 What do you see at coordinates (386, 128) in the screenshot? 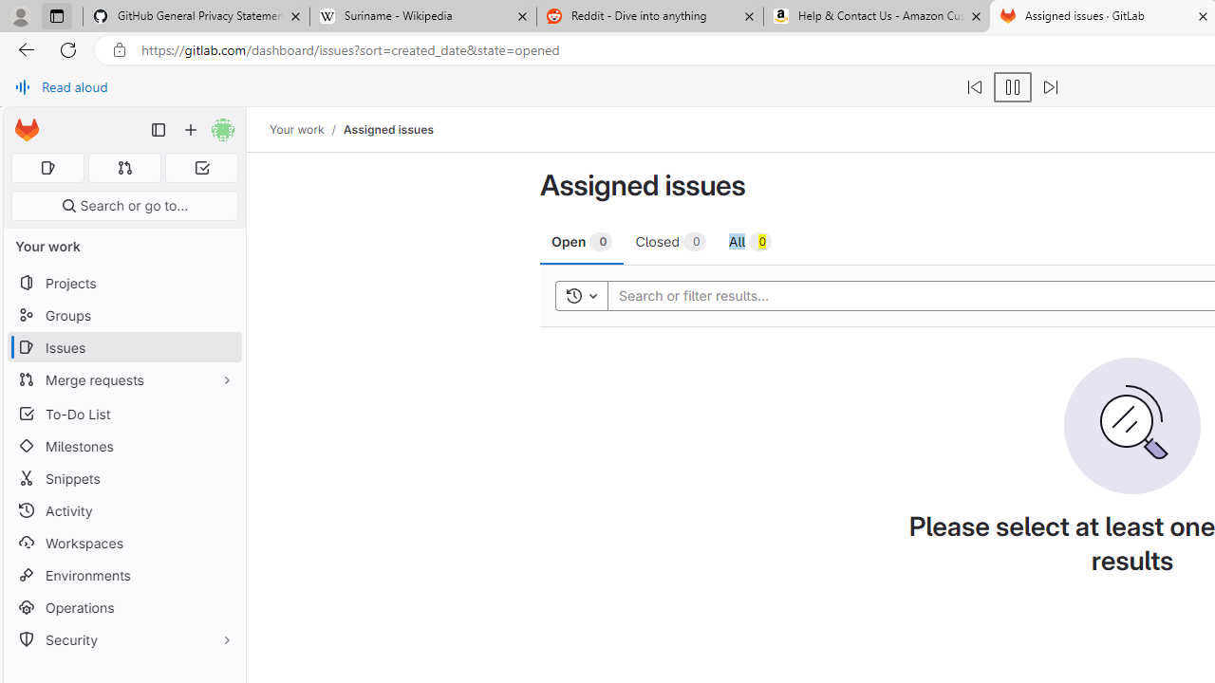
I see `'Assigned issues'` at bounding box center [386, 128].